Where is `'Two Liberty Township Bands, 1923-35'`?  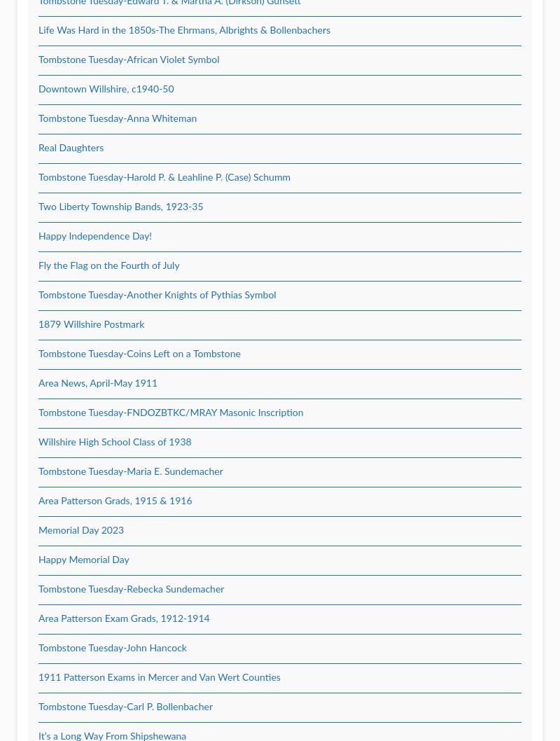 'Two Liberty Township Bands, 1923-35' is located at coordinates (120, 207).